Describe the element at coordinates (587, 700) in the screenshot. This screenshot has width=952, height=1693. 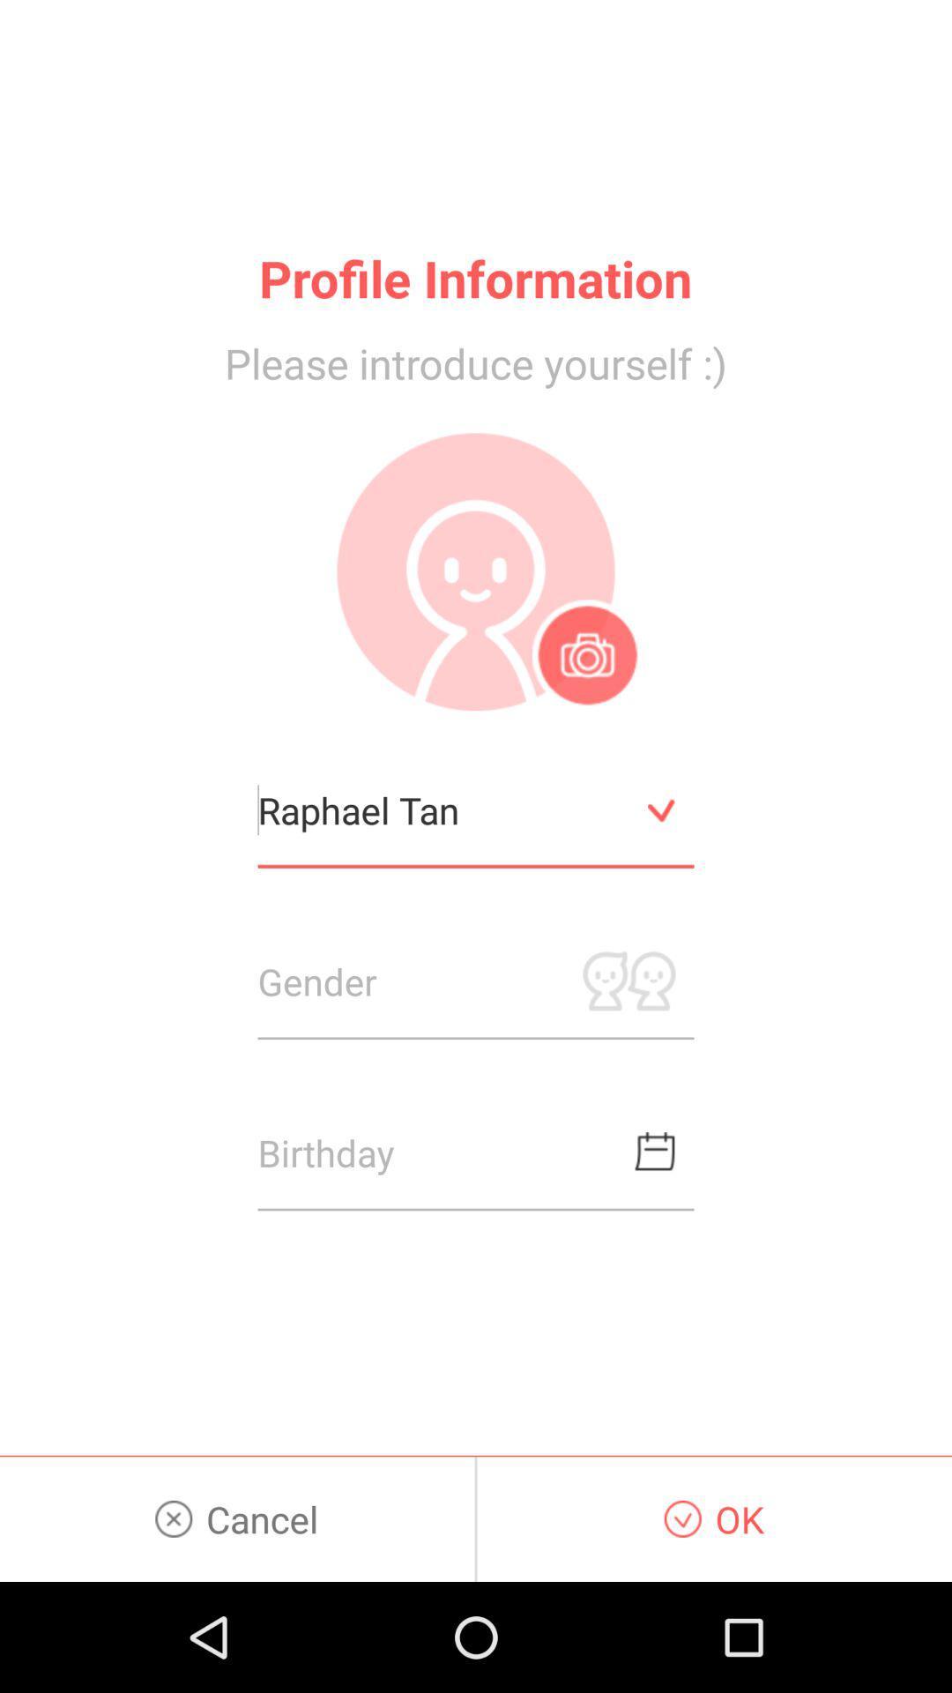
I see `the photo icon` at that location.